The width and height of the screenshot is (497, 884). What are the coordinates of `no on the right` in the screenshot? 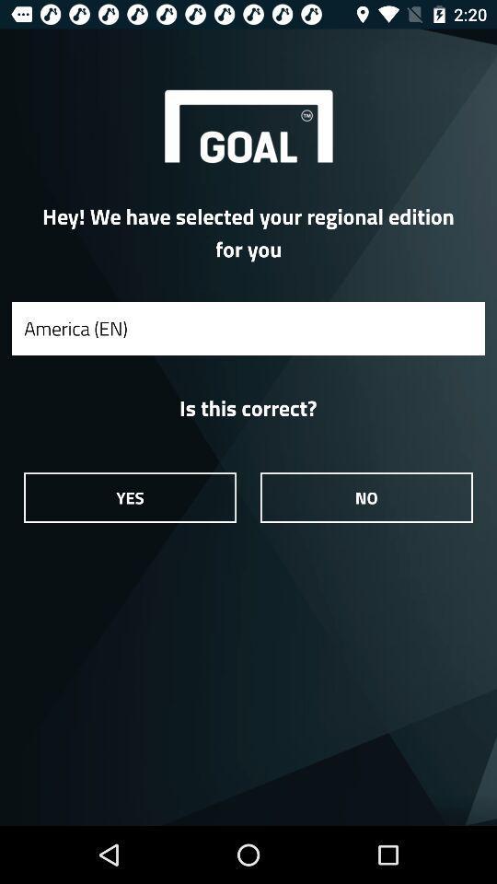 It's located at (366, 496).